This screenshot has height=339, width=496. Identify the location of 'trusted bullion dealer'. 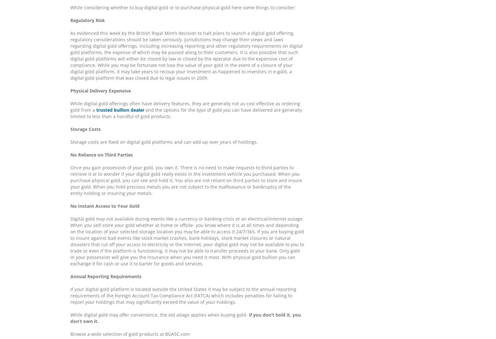
(120, 109).